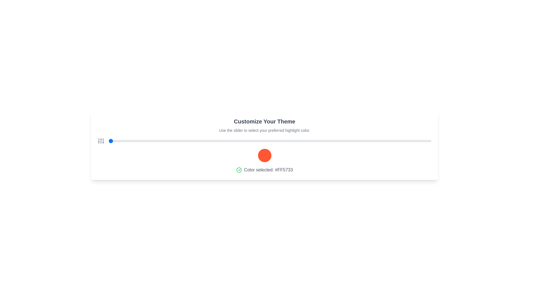 This screenshot has height=301, width=535. I want to click on the slider value, so click(420, 140).